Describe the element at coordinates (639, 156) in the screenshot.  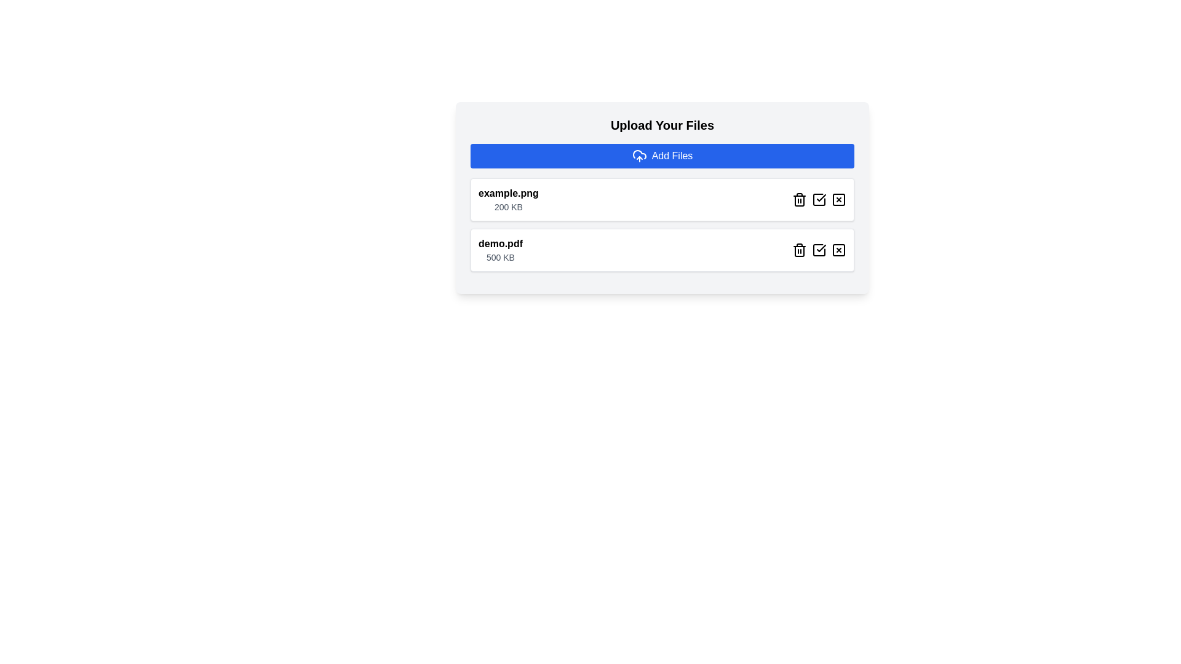
I see `the decorative SVG graphic icon that visually indicates the 'Add Files' button, located to the left of the 'Add Files' text within the blue button near the top center of the interface` at that location.